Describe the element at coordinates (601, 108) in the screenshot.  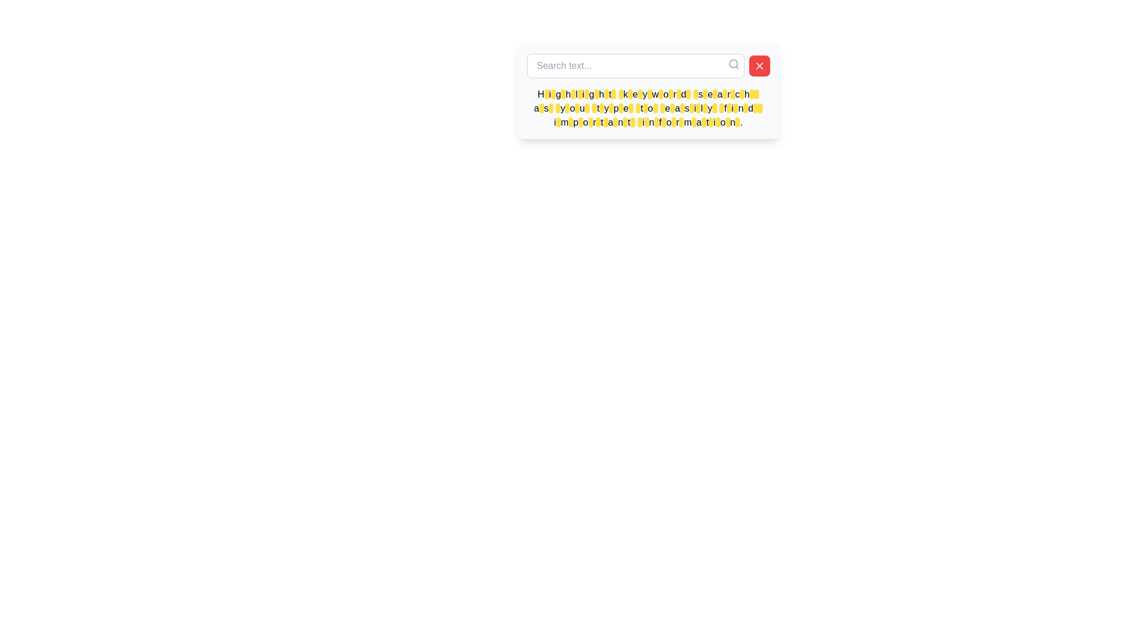
I see `the Decorative Highlight element, which is a small rounded rectangle with a yellow background and black text, located at the center of the bottom row of highlighted segments in a tooltip` at that location.